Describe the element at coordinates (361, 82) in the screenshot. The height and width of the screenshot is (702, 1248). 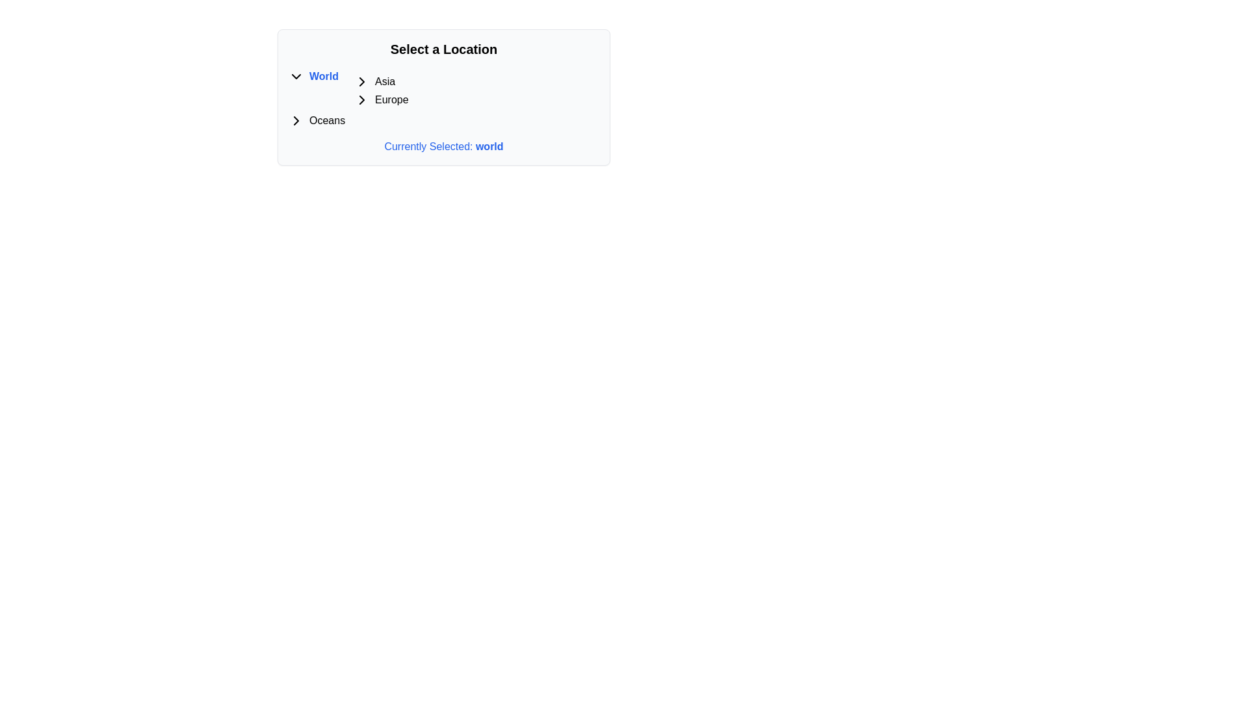
I see `the button with a right-pointing chevron symbol located immediately left of the text 'Asia'` at that location.